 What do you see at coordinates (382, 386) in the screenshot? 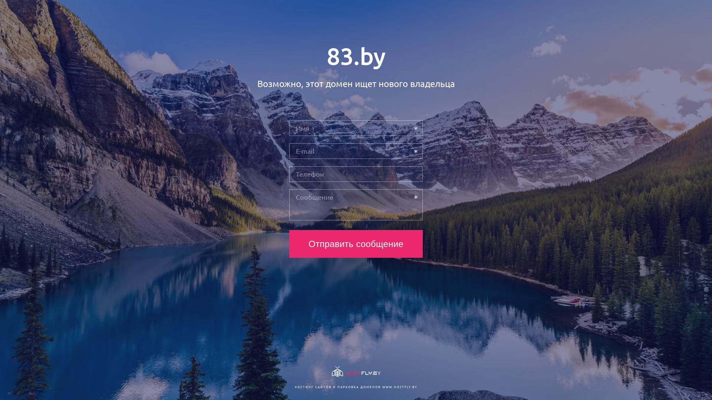
I see `'WWW.HOSTFLY.BY'` at bounding box center [382, 386].